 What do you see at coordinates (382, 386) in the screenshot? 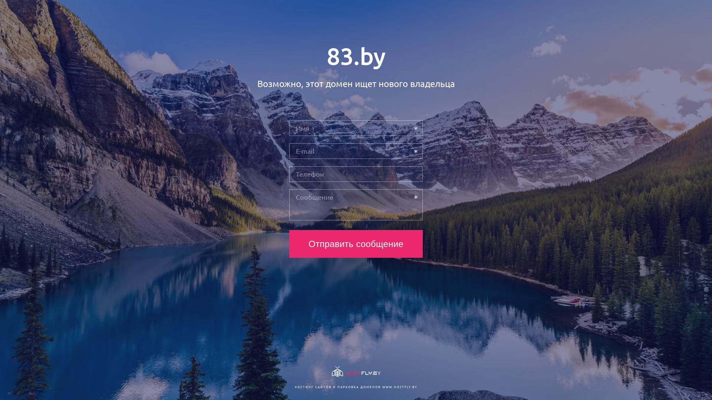
I see `'WWW.HOSTFLY.BY'` at bounding box center [382, 386].